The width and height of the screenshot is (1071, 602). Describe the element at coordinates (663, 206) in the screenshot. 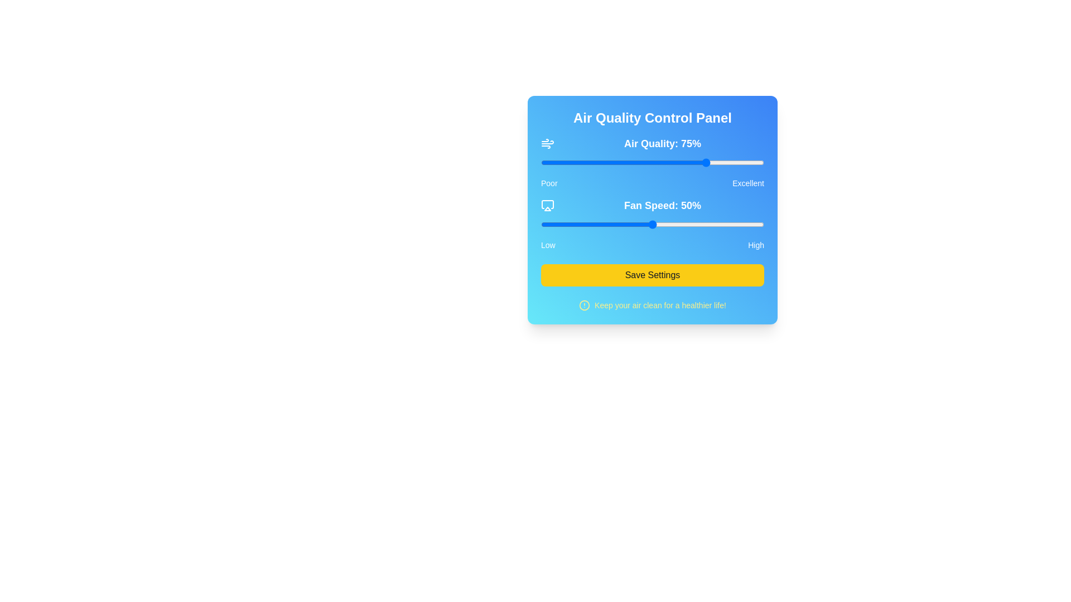

I see `the text label displaying 'Fan Speed: 50%' which is styled in a large, bold sans-serif font and is centrally aligned within the Air Quality Control Panel` at that location.